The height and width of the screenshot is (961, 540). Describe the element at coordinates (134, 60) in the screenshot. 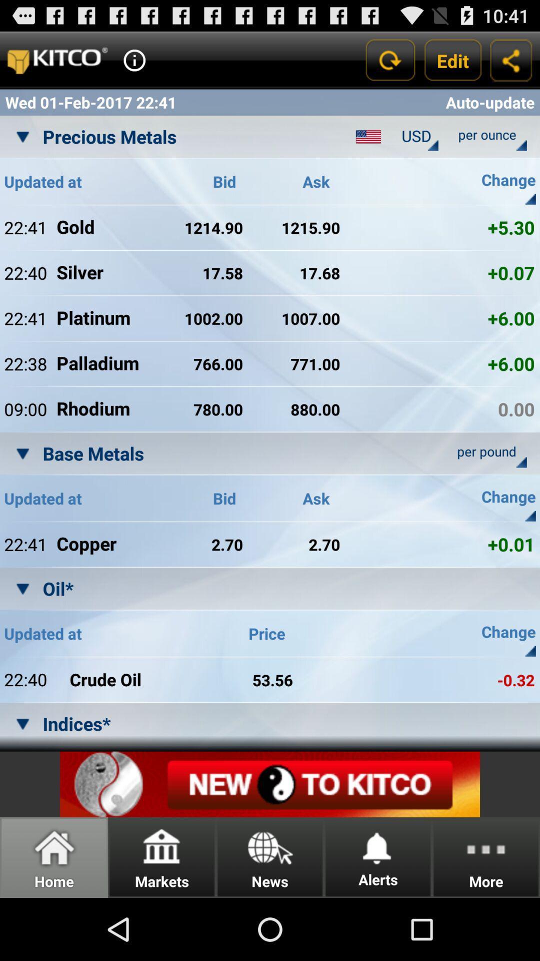

I see `i` at that location.